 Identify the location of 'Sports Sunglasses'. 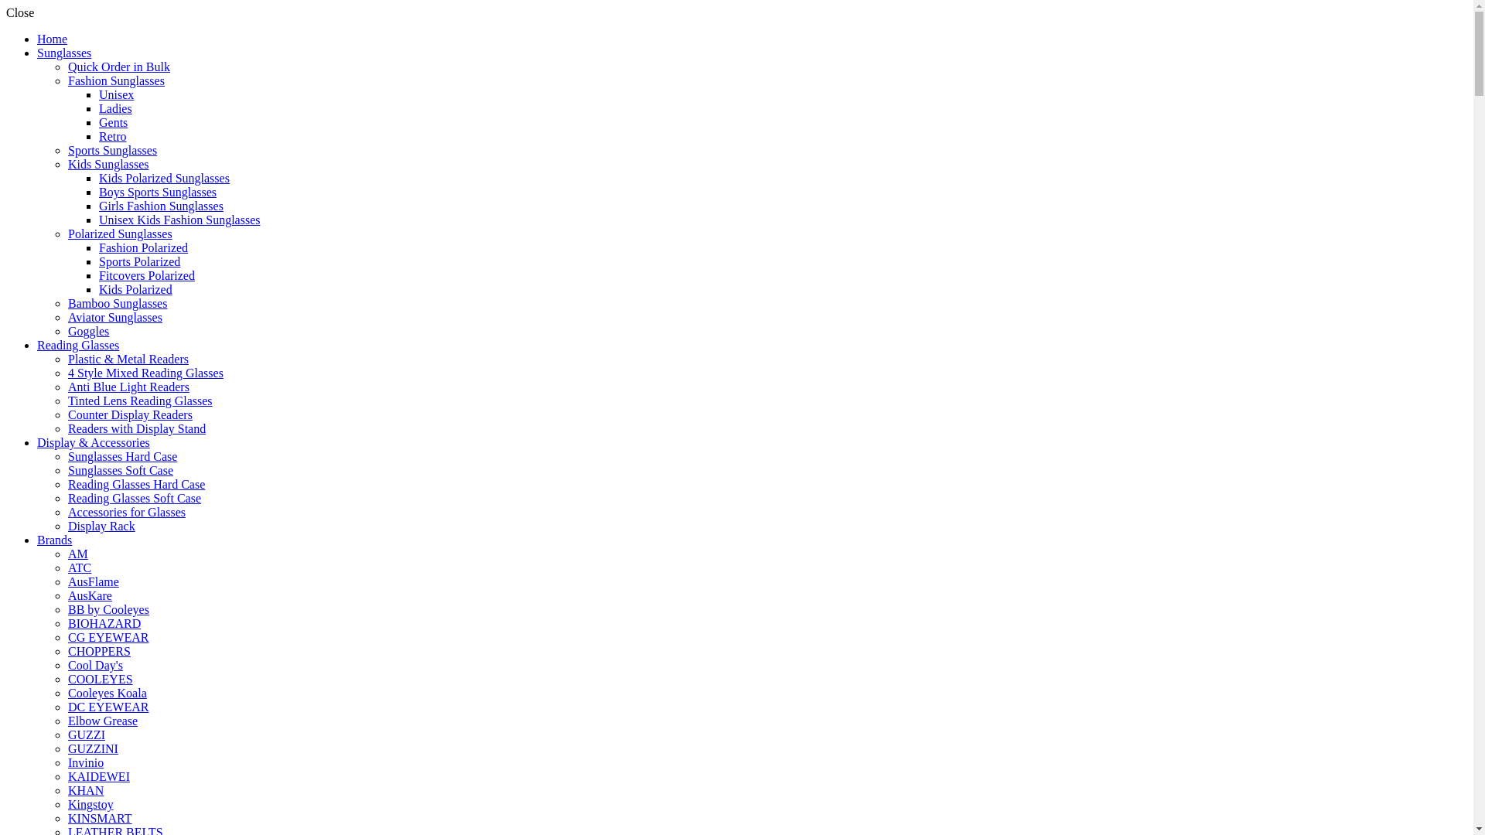
(67, 150).